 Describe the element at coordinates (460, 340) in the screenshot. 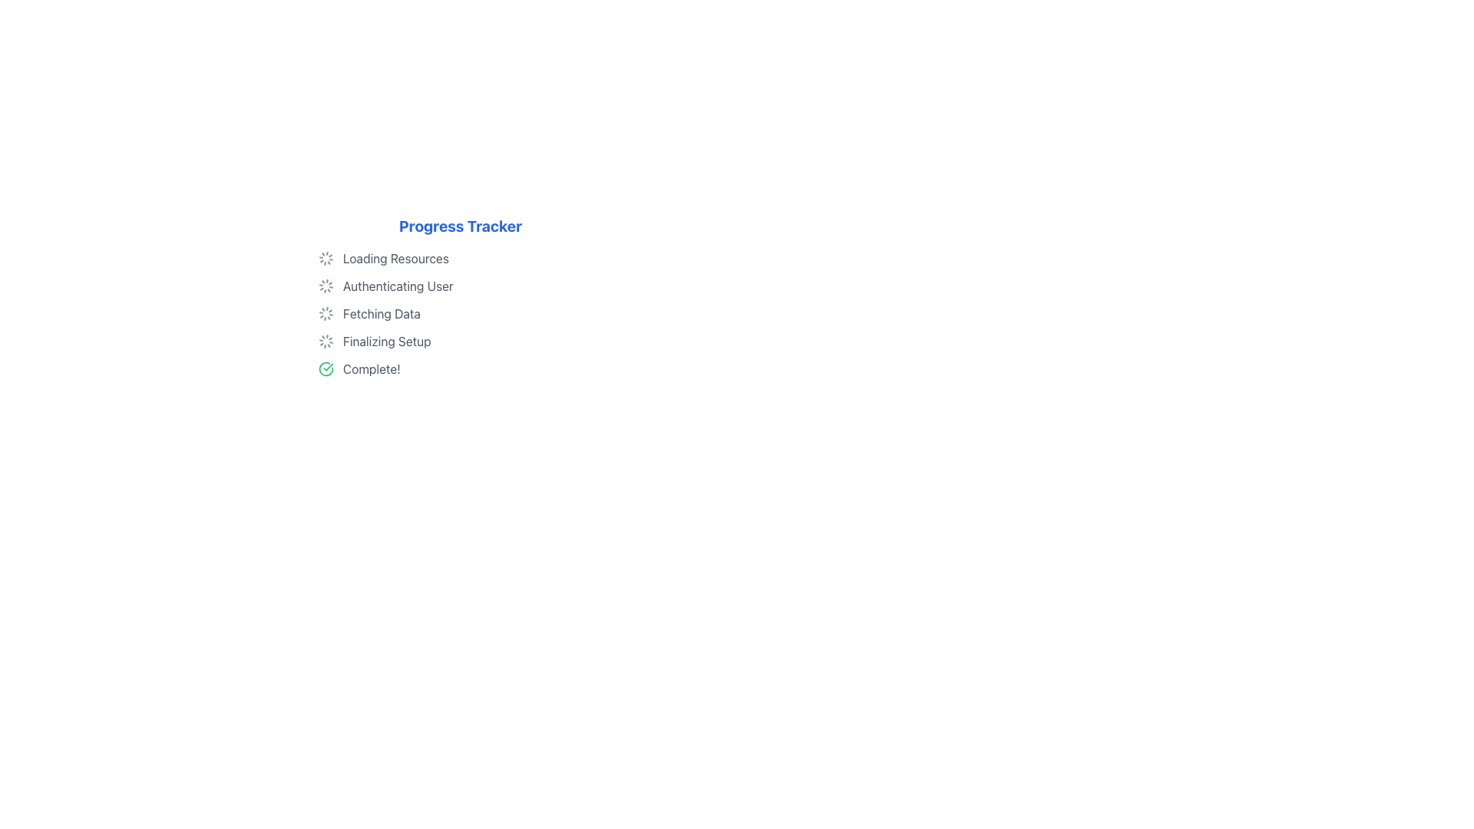

I see `the 'Finalizing Setup' phase indicator in the vertical progress tracker` at that location.